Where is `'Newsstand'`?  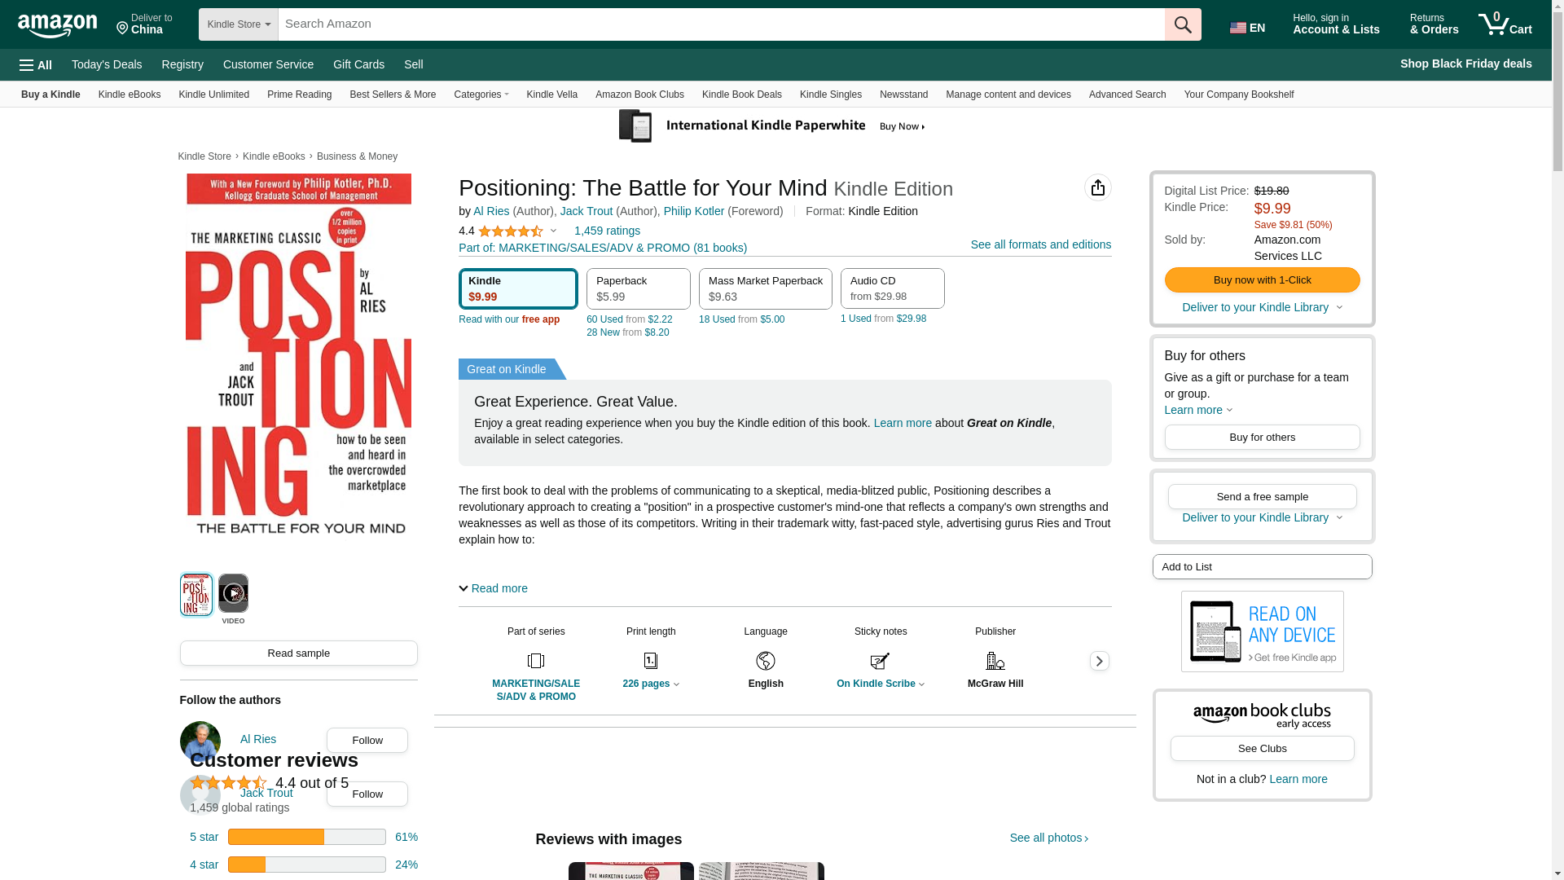 'Newsstand' is located at coordinates (903, 94).